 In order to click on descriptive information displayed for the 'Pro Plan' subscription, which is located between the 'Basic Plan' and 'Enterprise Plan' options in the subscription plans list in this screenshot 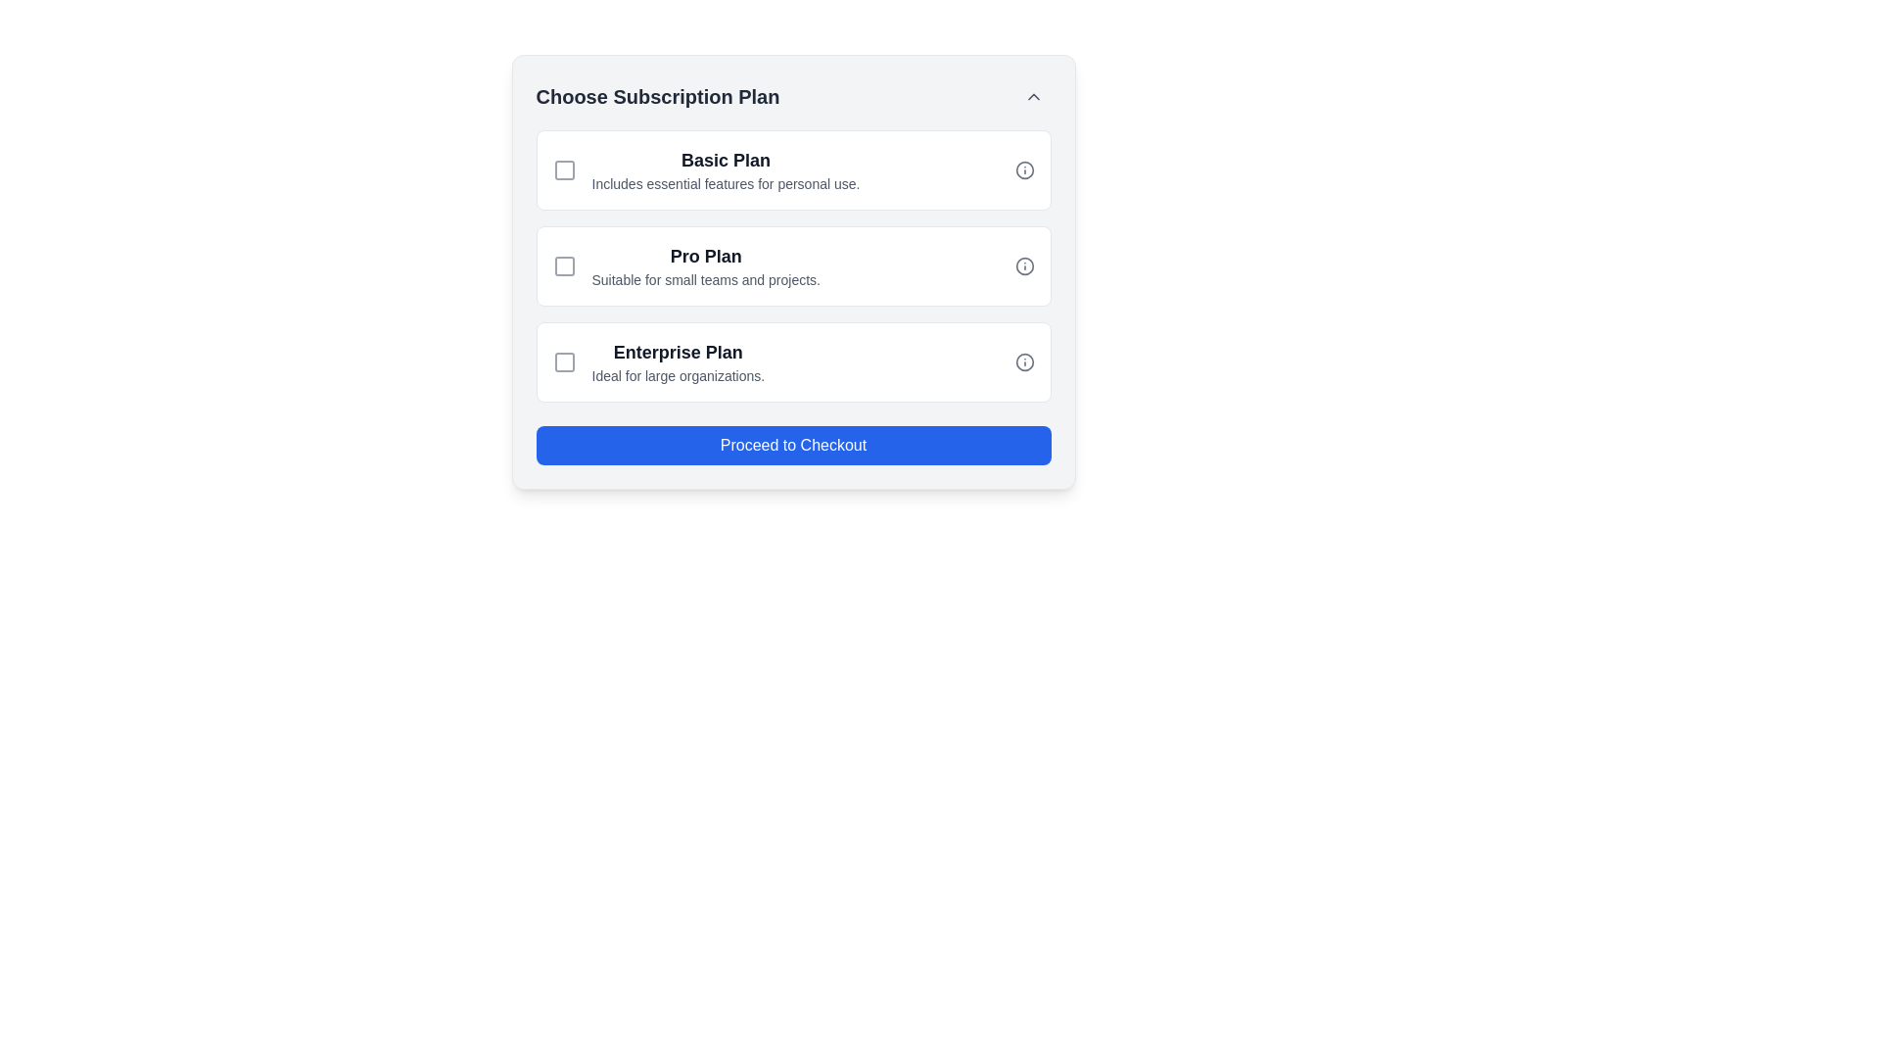, I will do `click(705, 266)`.